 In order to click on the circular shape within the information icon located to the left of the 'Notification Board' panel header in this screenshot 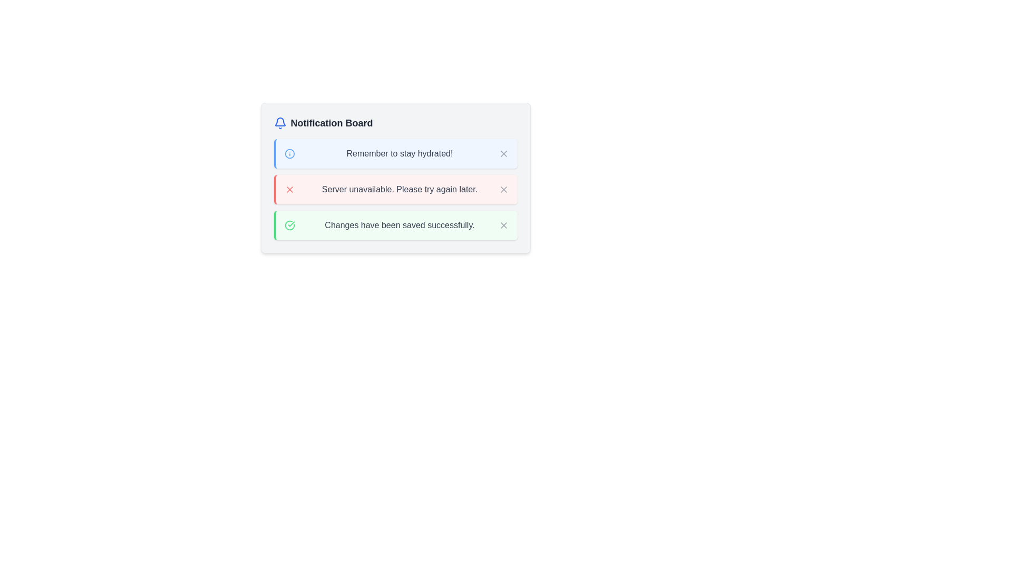, I will do `click(289, 154)`.